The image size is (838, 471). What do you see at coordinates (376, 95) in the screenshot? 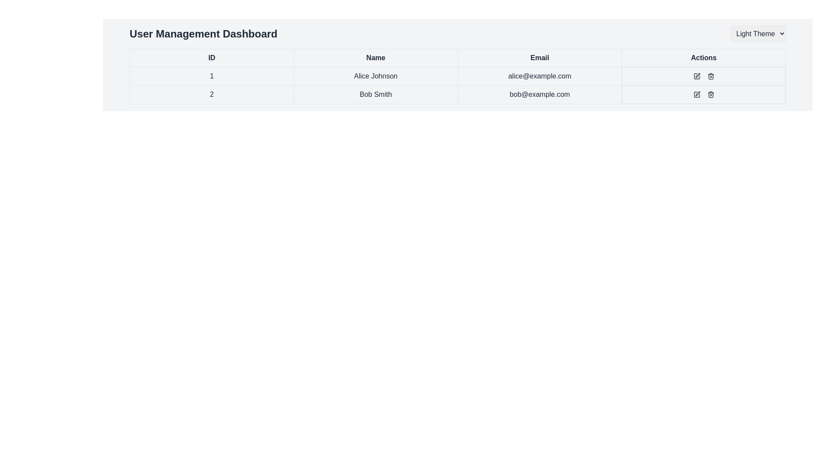
I see `the text display cell that shows the name 'Bob Smith', which is located in the second row of the table under the 'Name' column, between the 'ID' cell and the 'Email' cell` at bounding box center [376, 95].